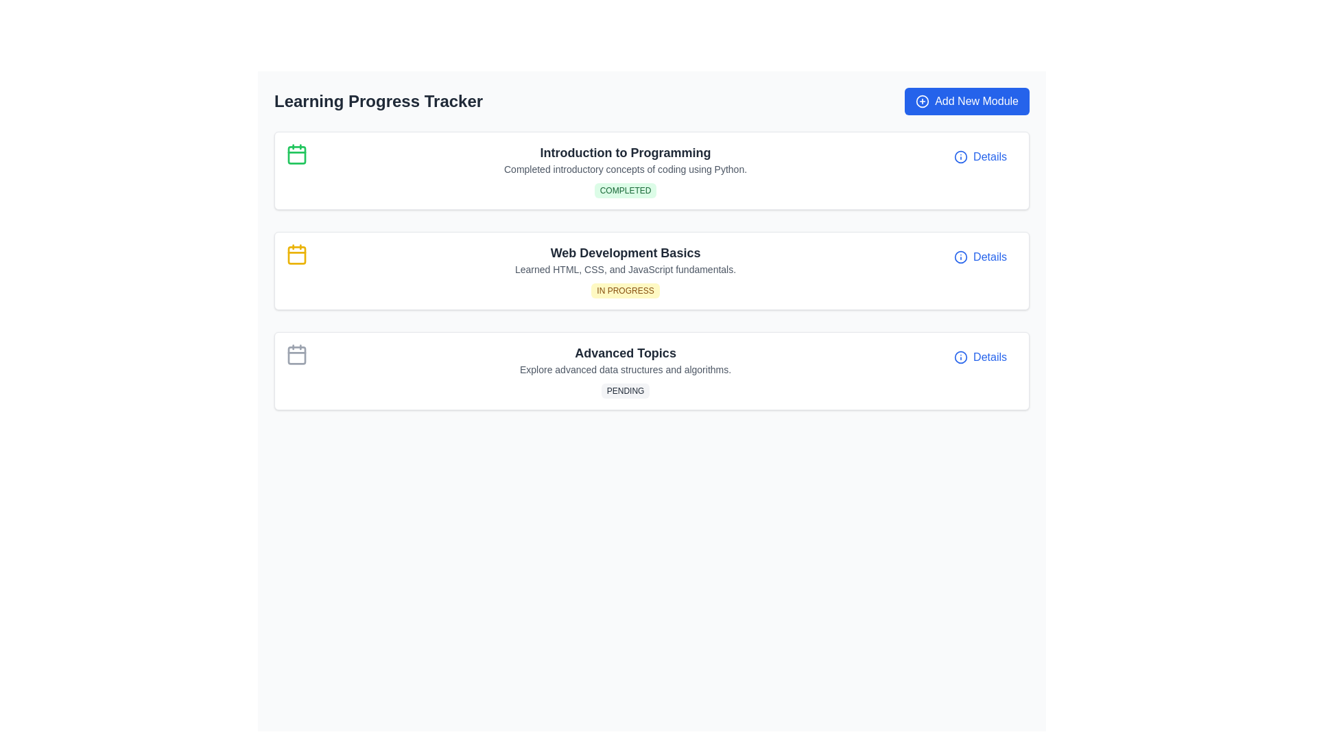  I want to click on the bold, large-sized static text labeled 'Learning Progress Tracker' located prominently at the top-left section of the interface, so click(379, 100).